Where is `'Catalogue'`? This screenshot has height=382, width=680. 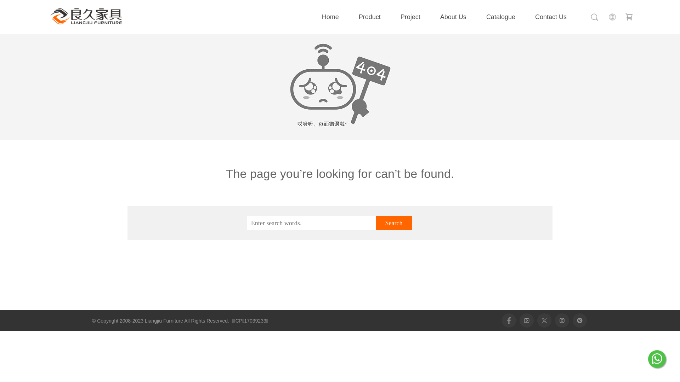
'Catalogue' is located at coordinates (500, 16).